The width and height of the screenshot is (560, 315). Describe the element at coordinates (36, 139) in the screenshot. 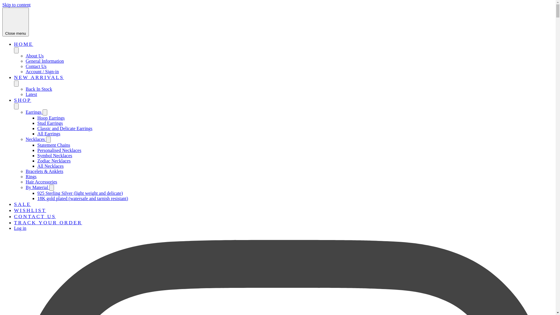

I see `'Necklaces'` at that location.